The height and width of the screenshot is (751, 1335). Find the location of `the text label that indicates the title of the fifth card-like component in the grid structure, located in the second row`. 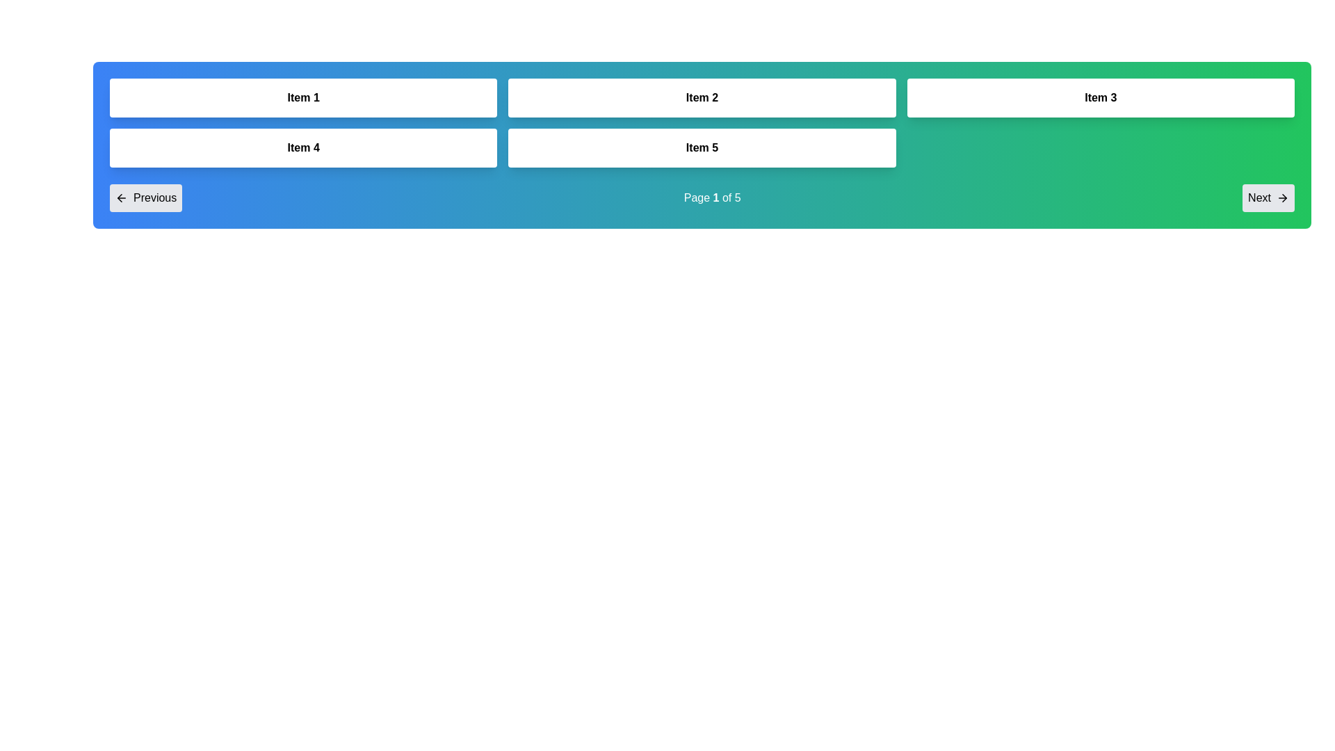

the text label that indicates the title of the fifth card-like component in the grid structure, located in the second row is located at coordinates (702, 147).